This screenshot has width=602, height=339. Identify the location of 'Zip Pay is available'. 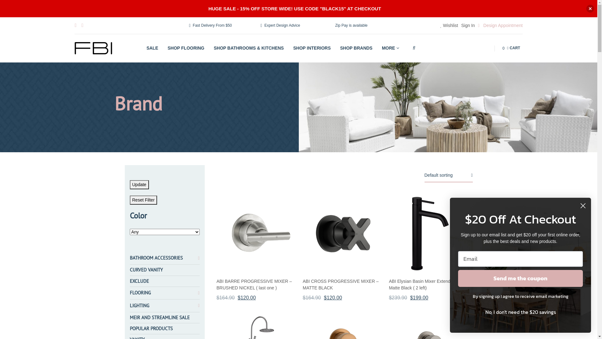
(350, 25).